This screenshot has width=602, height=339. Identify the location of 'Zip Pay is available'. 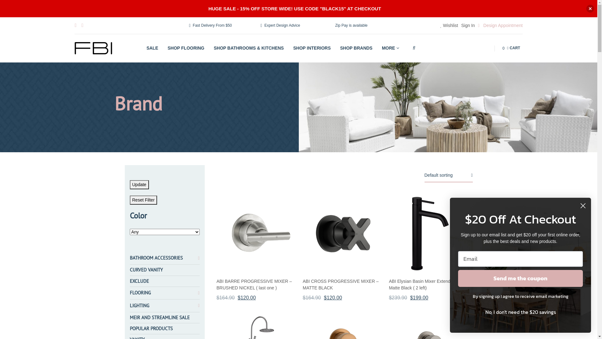
(350, 25).